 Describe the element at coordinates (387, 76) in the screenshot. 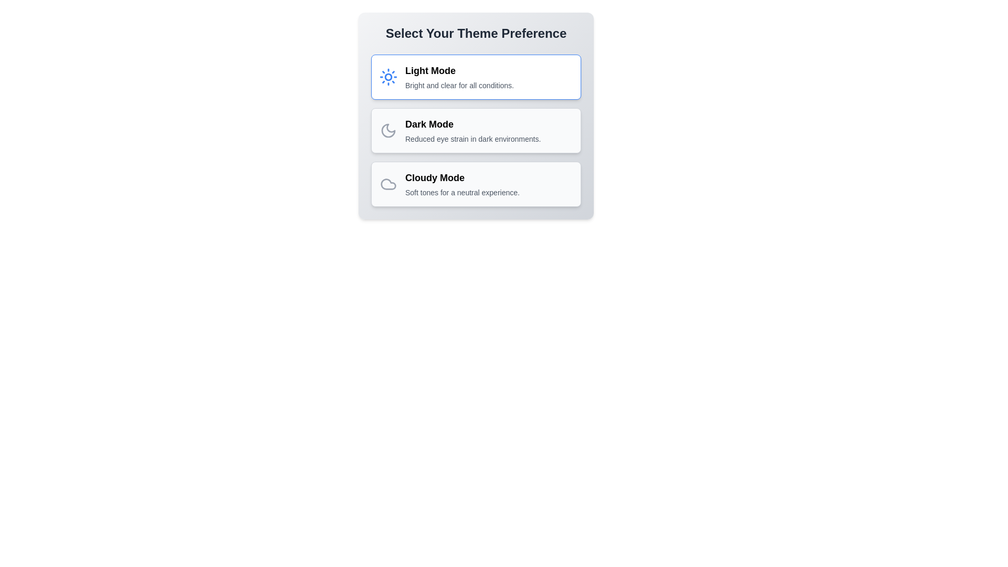

I see `the 'Light Mode' theme icon, which is located to the left of the text 'Light Mode' in the theme preferences list` at that location.